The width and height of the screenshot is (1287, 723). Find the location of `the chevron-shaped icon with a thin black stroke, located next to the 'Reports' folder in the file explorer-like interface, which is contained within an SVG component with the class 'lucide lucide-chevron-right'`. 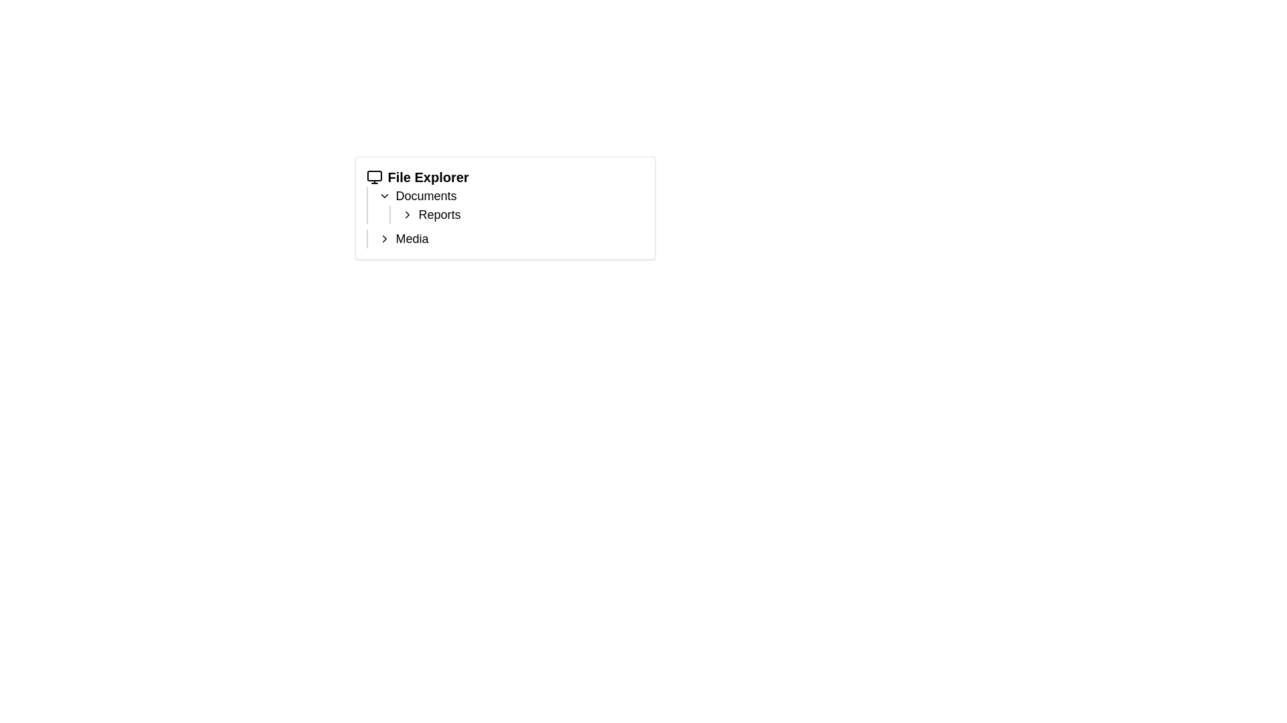

the chevron-shaped icon with a thin black stroke, located next to the 'Reports' folder in the file explorer-like interface, which is contained within an SVG component with the class 'lucide lucide-chevron-right' is located at coordinates (383, 238).